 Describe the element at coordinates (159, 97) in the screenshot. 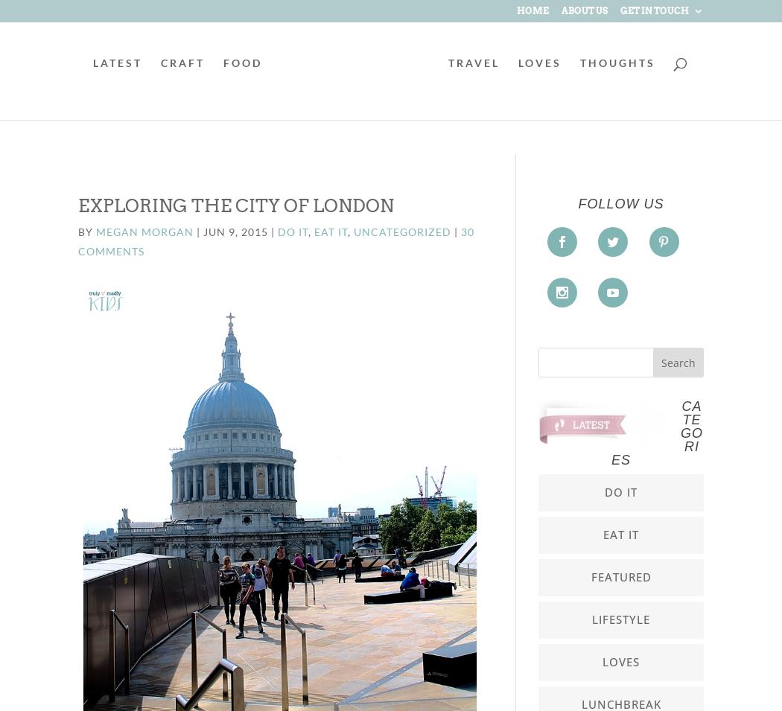

I see `'CRAFT'` at that location.